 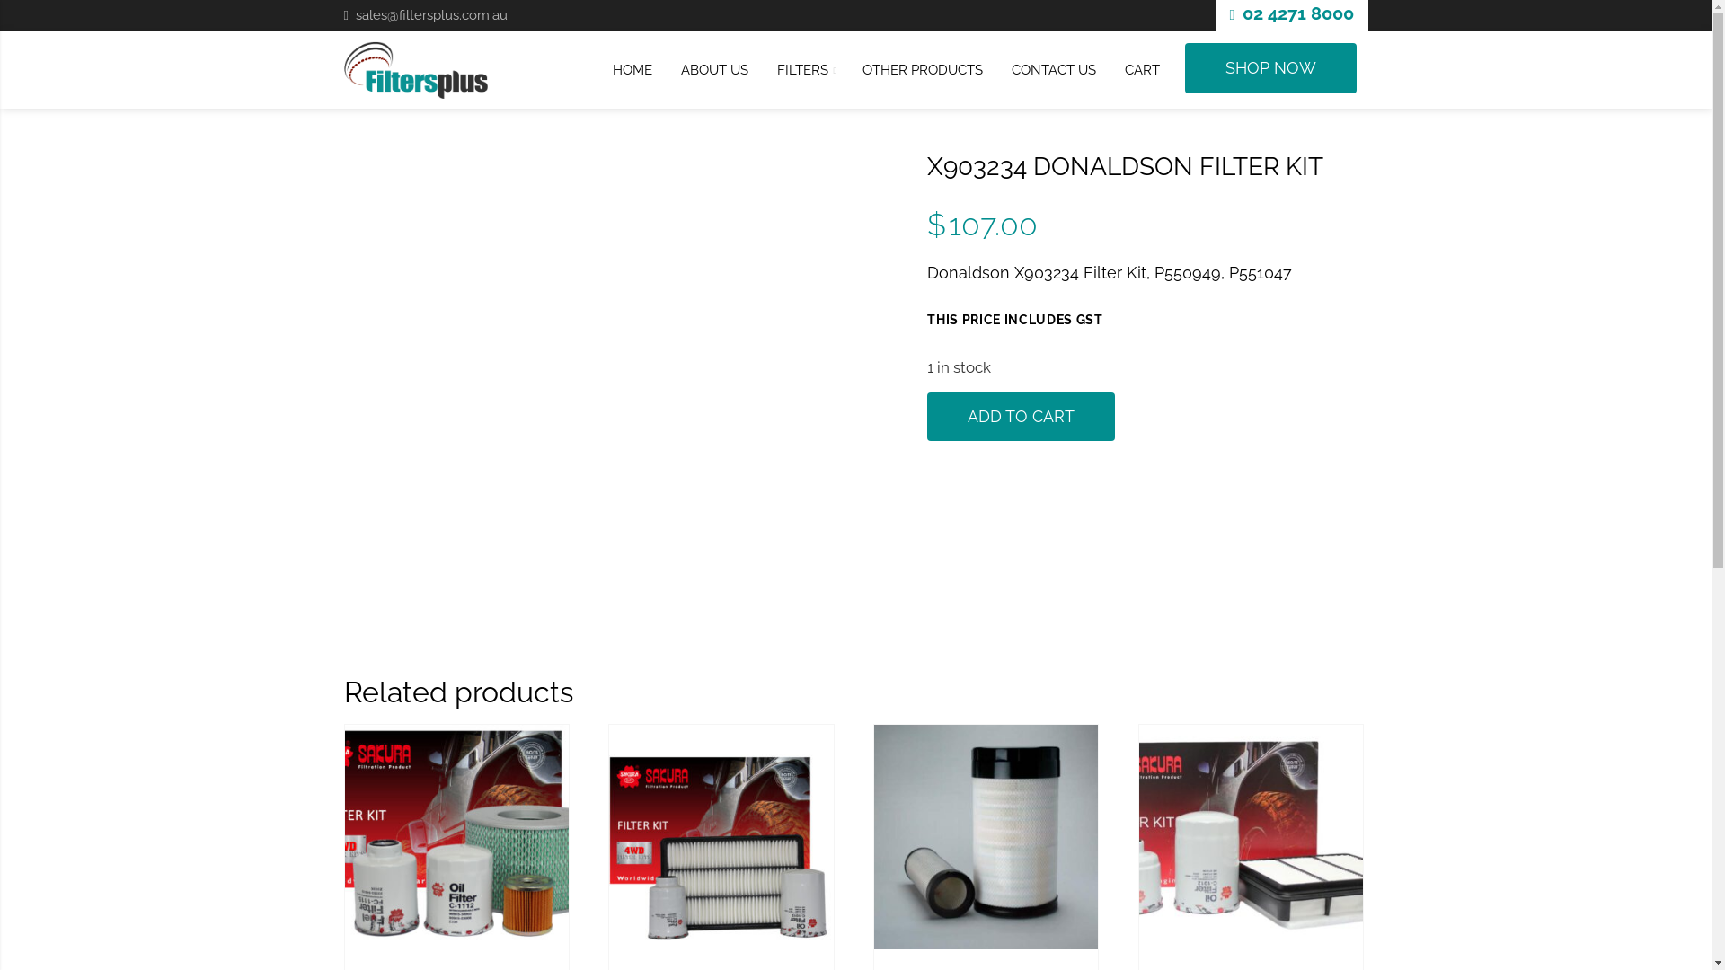 I want to click on '02 4271 8000', so click(x=1297, y=13).